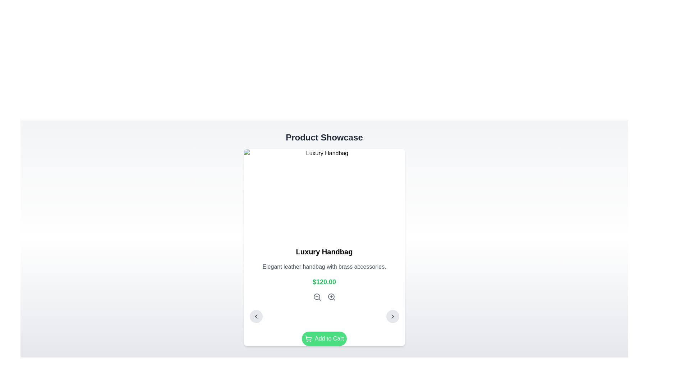 The width and height of the screenshot is (690, 388). I want to click on the navigation icon located within the circular button at the bottom-right corner of the product display card, so click(392, 316).